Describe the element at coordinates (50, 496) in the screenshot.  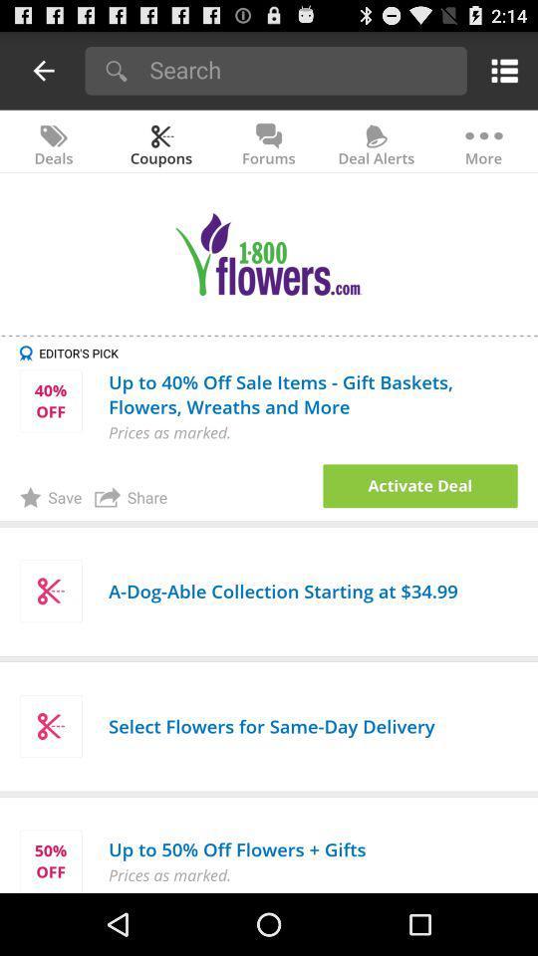
I see `app next to the share` at that location.